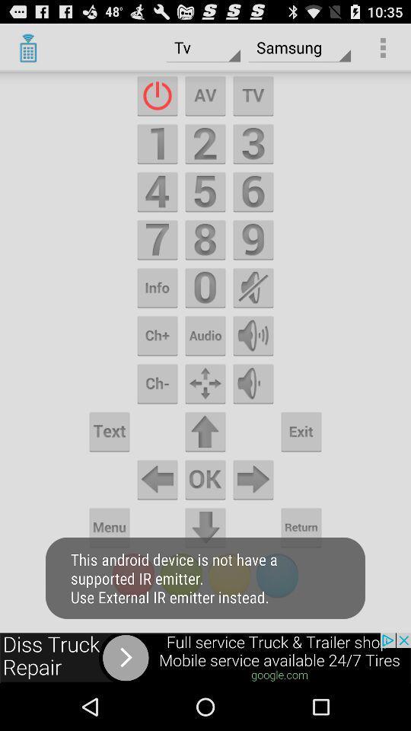 The image size is (411, 731). What do you see at coordinates (156, 101) in the screenshot?
I see `the power icon` at bounding box center [156, 101].